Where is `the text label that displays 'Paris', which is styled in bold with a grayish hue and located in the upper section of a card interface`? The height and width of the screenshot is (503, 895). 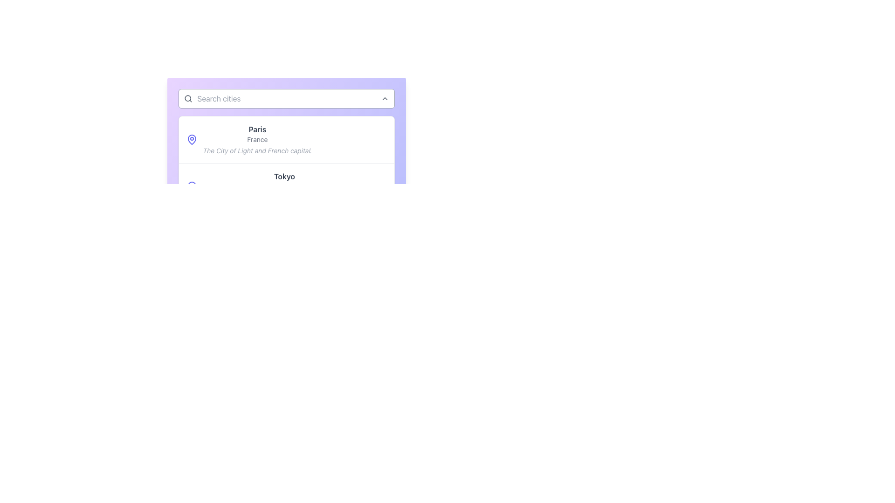 the text label that displays 'Paris', which is styled in bold with a grayish hue and located in the upper section of a card interface is located at coordinates (257, 129).